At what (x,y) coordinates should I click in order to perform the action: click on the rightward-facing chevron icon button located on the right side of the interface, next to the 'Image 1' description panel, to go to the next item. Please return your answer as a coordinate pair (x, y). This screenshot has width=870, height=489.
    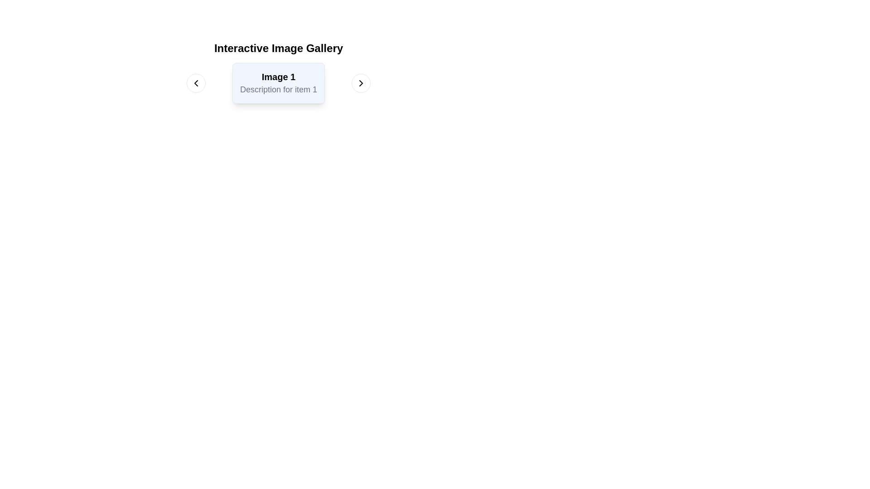
    Looking at the image, I should click on (360, 83).